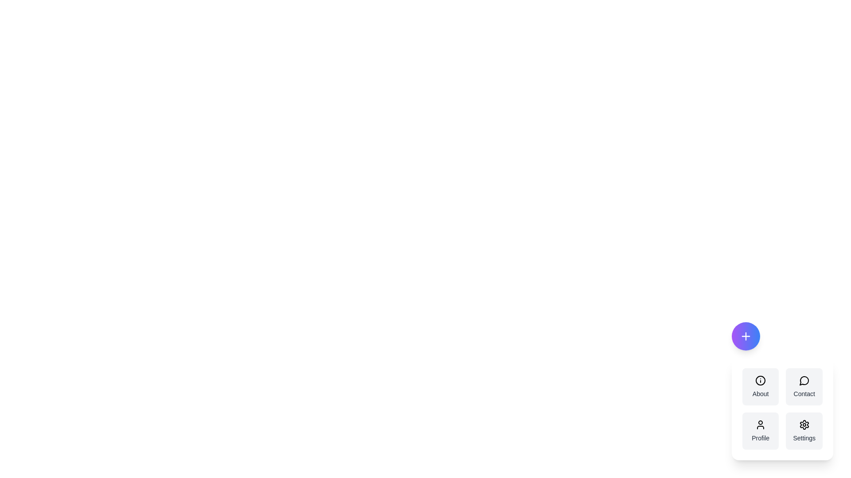 This screenshot has width=851, height=478. What do you see at coordinates (804, 431) in the screenshot?
I see `the menu option Settings` at bounding box center [804, 431].